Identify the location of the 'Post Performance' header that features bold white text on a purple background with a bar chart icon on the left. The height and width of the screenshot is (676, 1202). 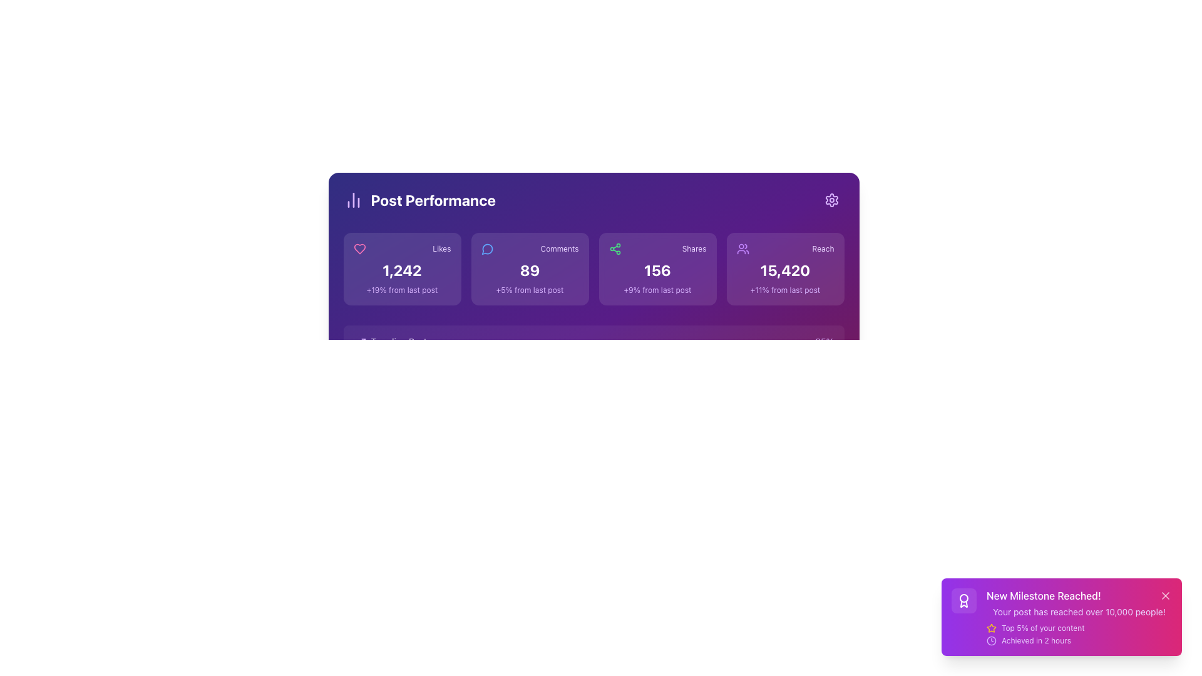
(419, 200).